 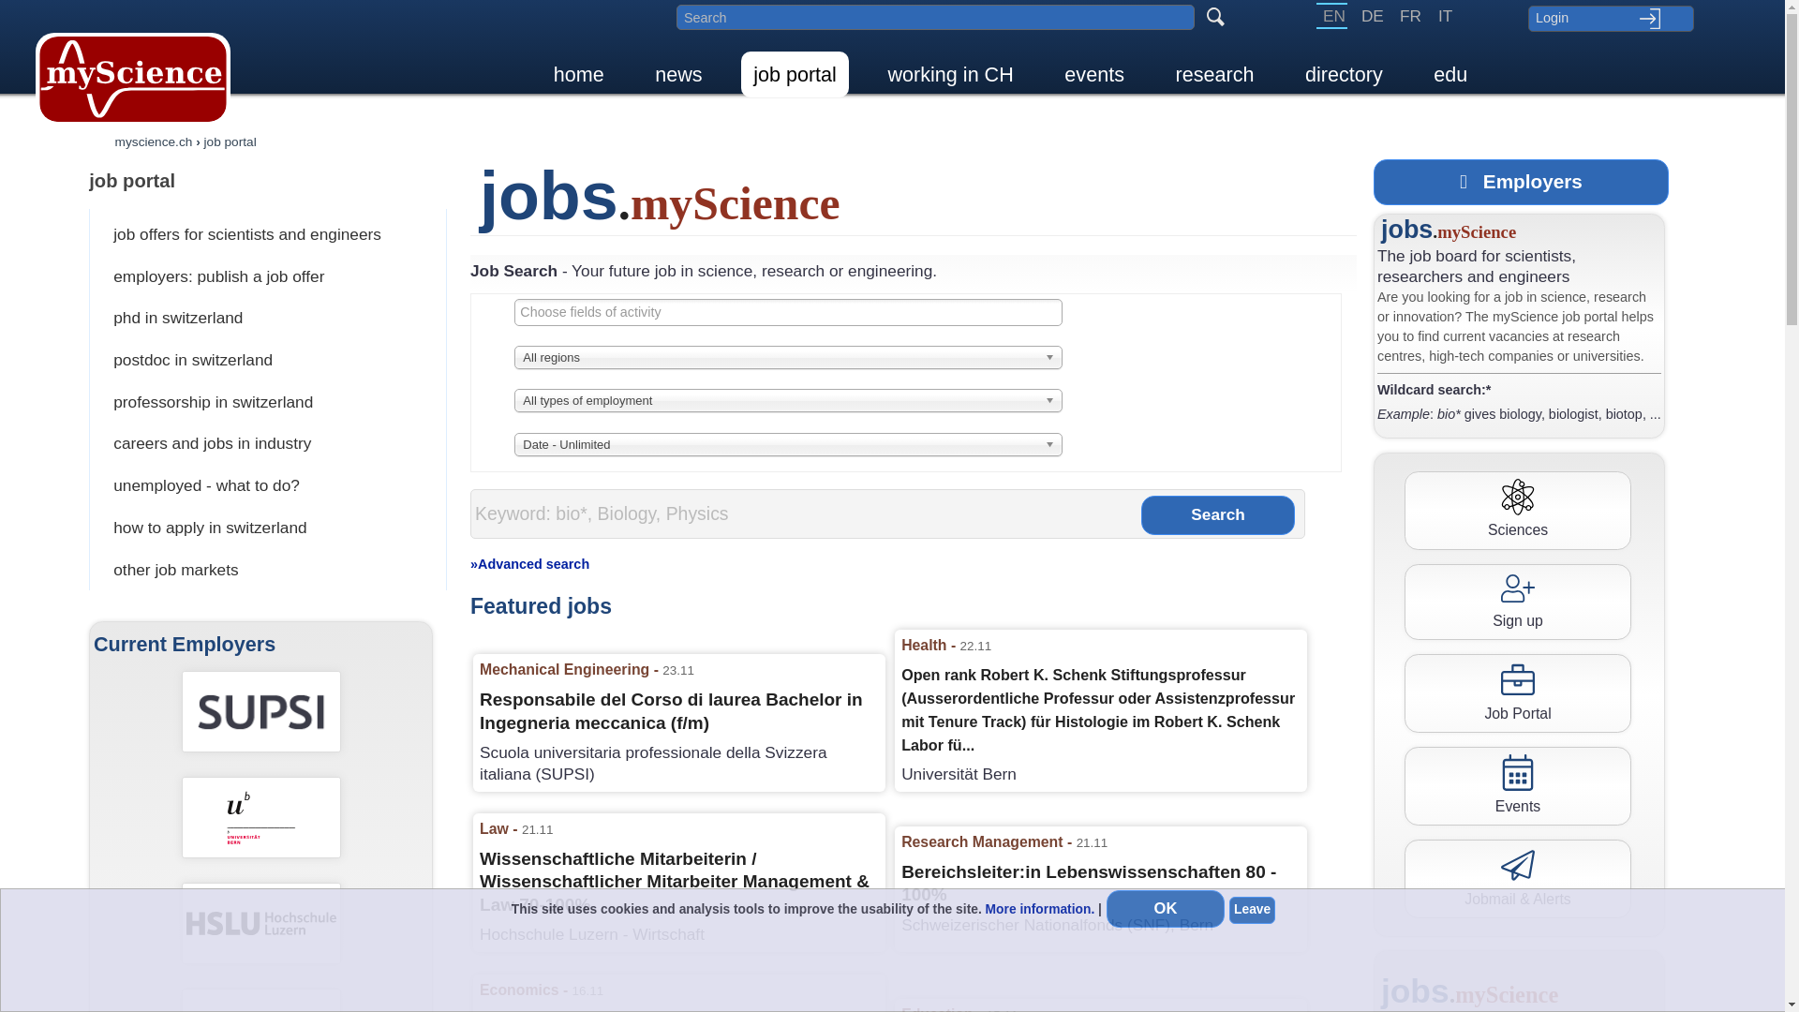 I want to click on 'Search', so click(x=1140, y=515).